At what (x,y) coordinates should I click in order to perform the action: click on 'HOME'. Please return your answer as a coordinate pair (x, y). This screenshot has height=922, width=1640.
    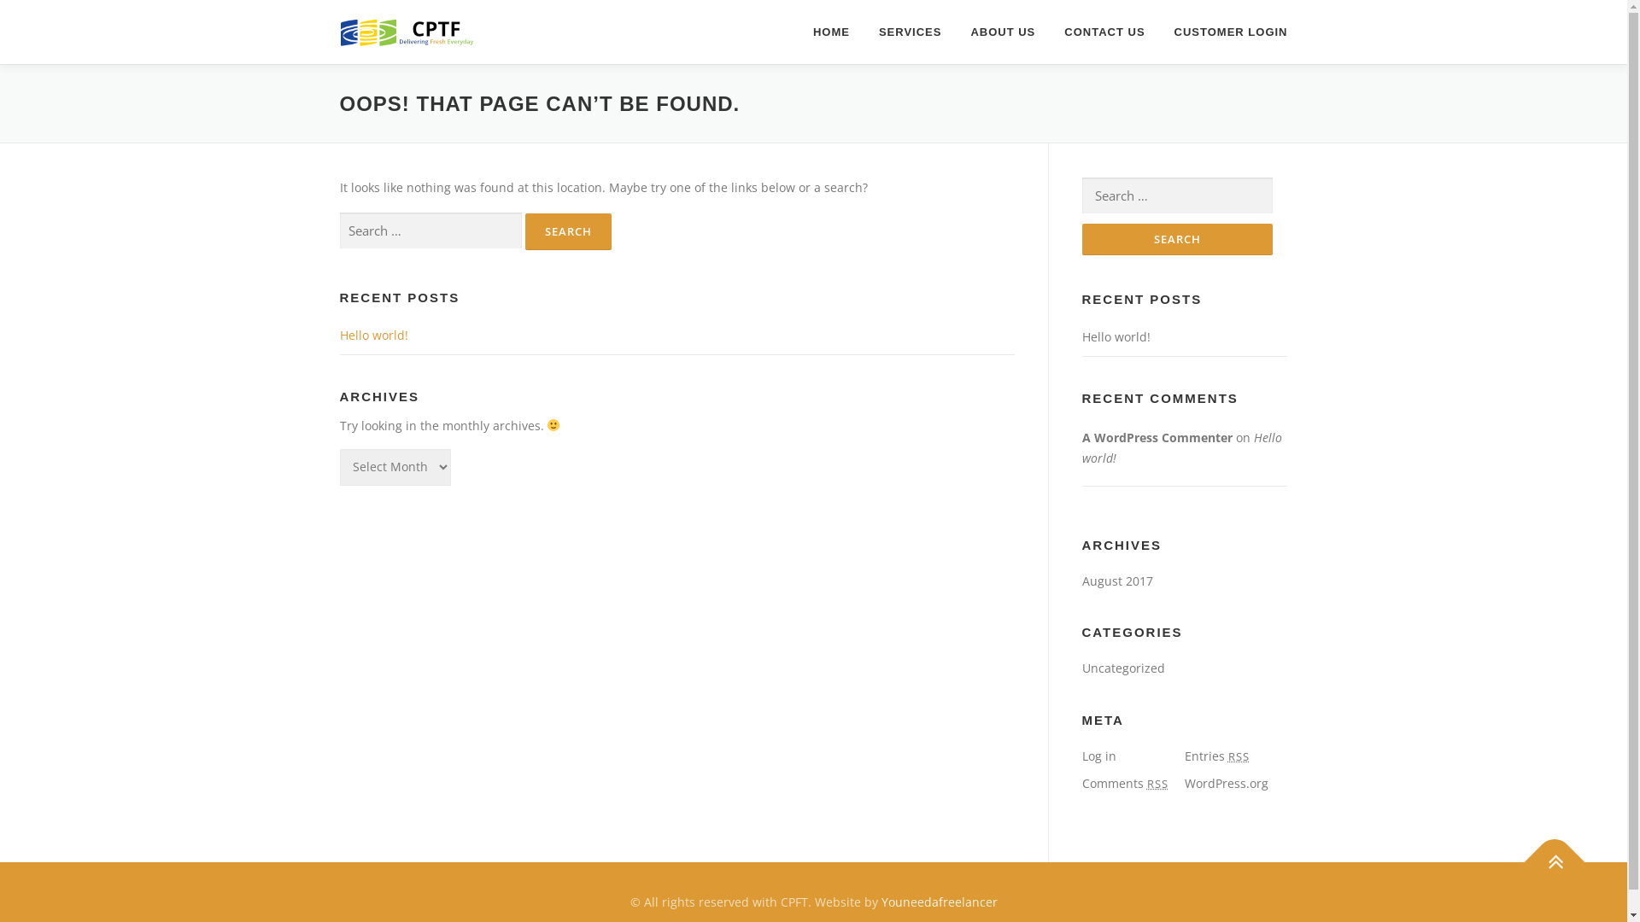
    Looking at the image, I should click on (798, 32).